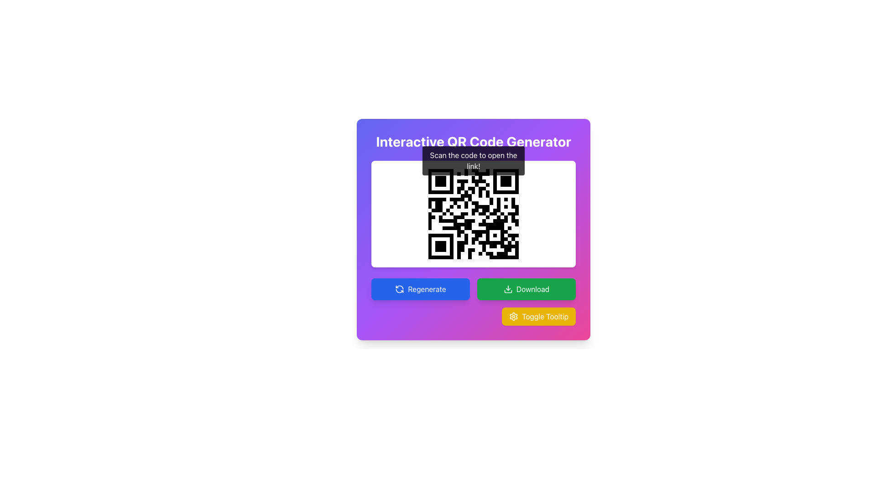 The height and width of the screenshot is (492, 876). Describe the element at coordinates (507, 292) in the screenshot. I see `the download icon located to the right of the 'Regenerate' button and to the left of the yellow 'Toggle Tooltip' button, which is vertically centered within the green 'Download' button` at that location.